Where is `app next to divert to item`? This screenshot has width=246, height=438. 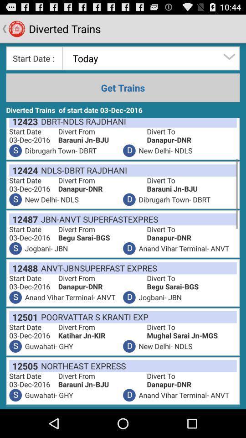
app next to divert to item is located at coordinates (82, 366).